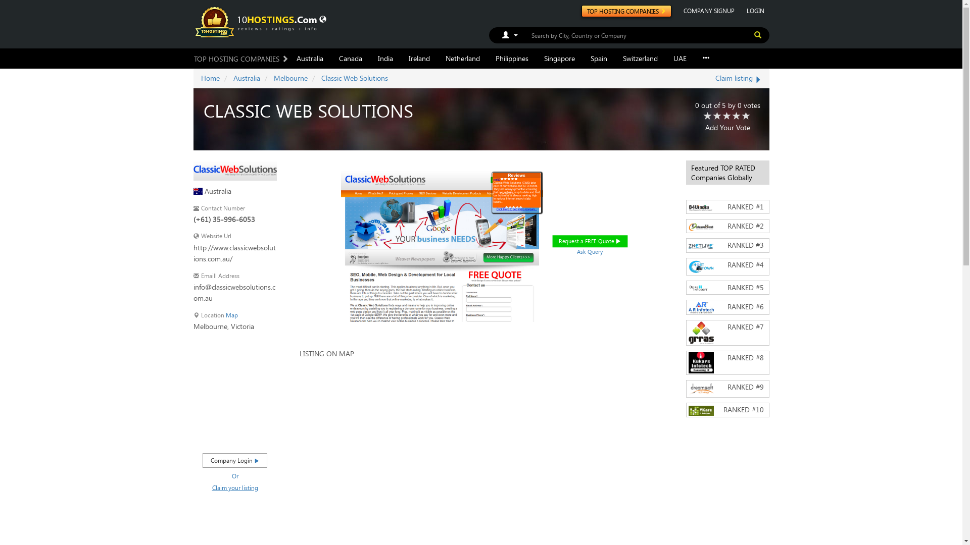  Describe the element at coordinates (257, 21) in the screenshot. I see `'10hostings.com'` at that location.